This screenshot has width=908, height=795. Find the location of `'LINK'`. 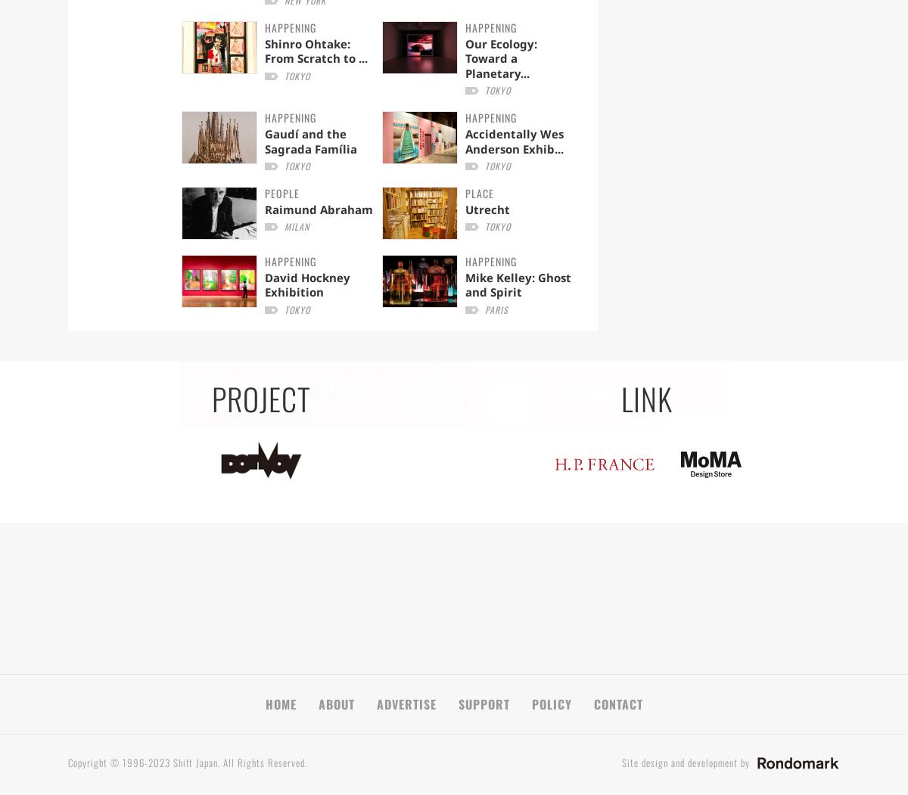

'LINK' is located at coordinates (646, 398).